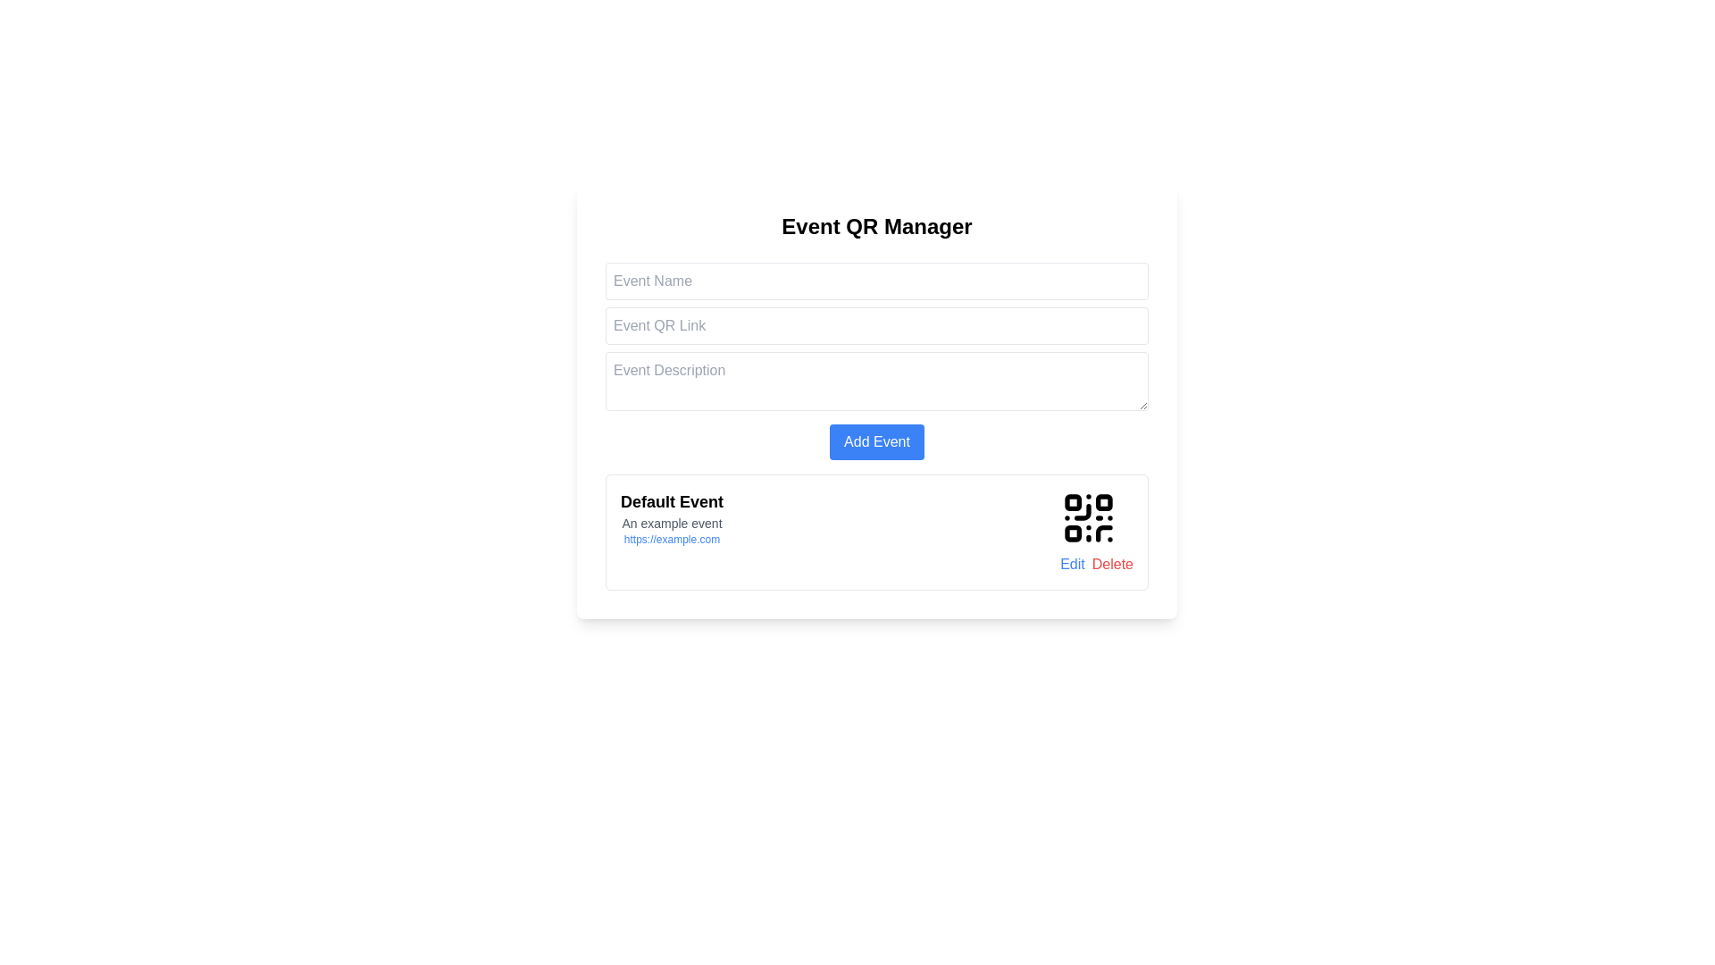  I want to click on the hyperlink text that leads to 'https://example.com', so click(671, 539).